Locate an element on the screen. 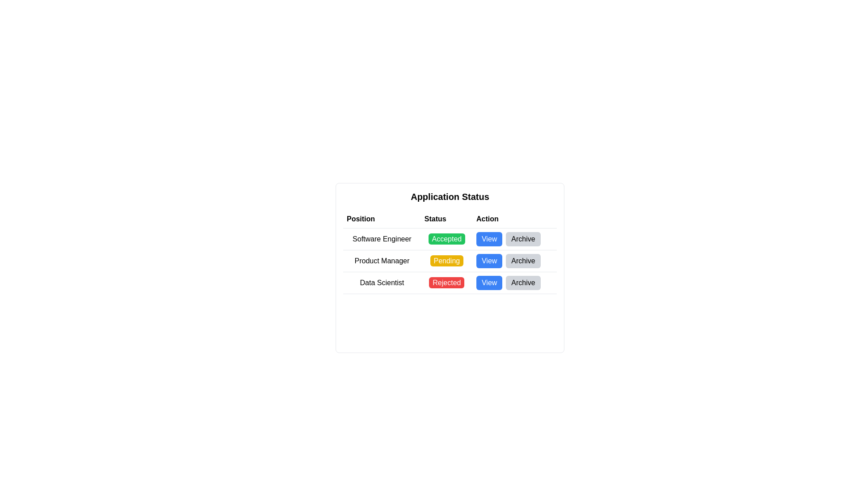 The image size is (858, 482). the 'View' button located in the 'Action' column of the 'Application Status' table for the 'Product Manager' entry is located at coordinates (488, 261).